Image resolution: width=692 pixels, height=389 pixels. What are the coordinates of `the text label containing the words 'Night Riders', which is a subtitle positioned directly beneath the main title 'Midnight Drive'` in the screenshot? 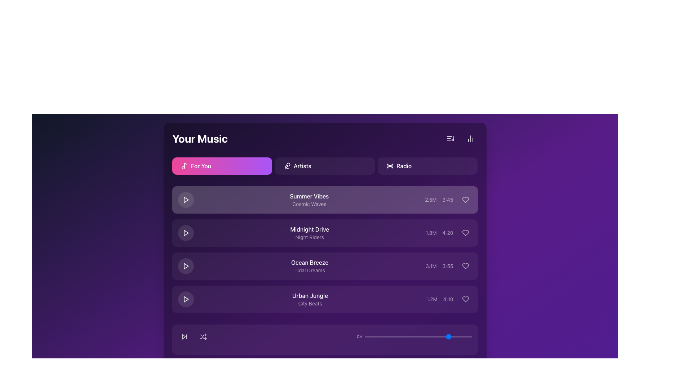 It's located at (310, 237).